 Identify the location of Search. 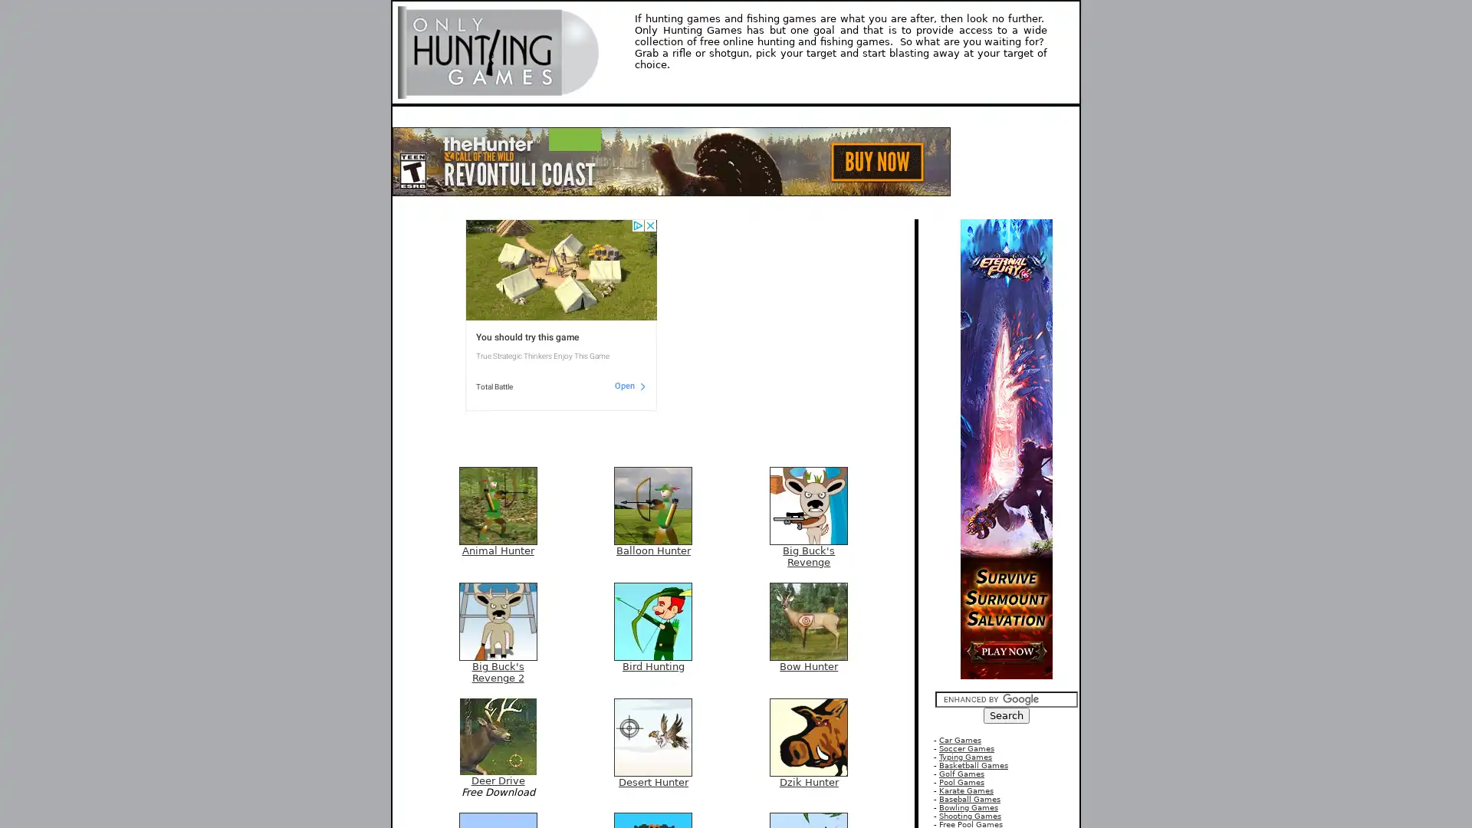
(1007, 715).